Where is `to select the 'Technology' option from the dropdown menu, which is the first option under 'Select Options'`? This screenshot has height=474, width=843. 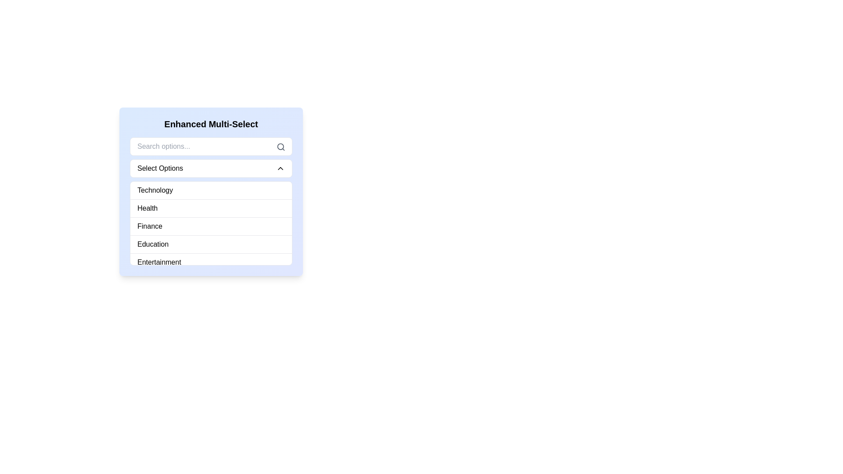 to select the 'Technology' option from the dropdown menu, which is the first option under 'Select Options' is located at coordinates (155, 190).